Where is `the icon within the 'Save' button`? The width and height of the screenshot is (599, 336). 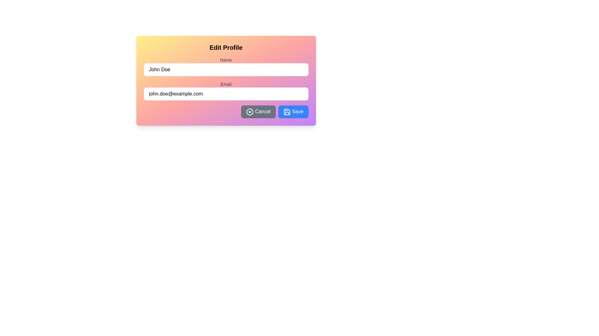 the icon within the 'Save' button is located at coordinates (286, 111).